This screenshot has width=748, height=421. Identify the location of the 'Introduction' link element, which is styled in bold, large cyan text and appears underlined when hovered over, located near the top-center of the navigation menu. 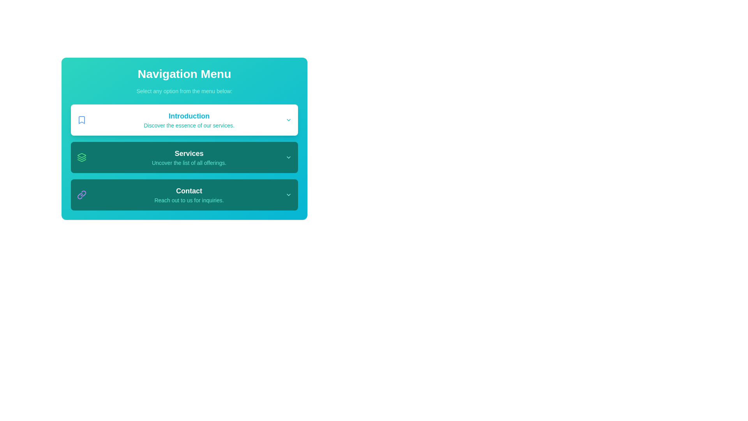
(189, 116).